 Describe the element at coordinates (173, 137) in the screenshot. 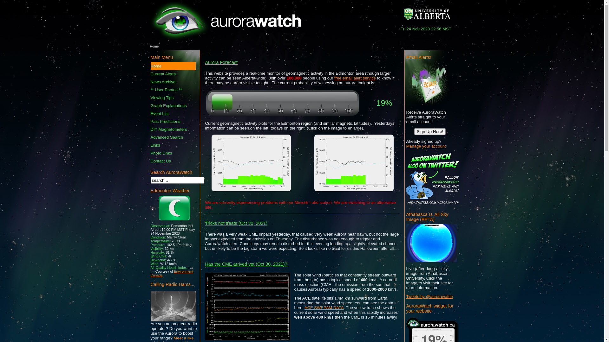

I see `'Advanced Search'` at that location.